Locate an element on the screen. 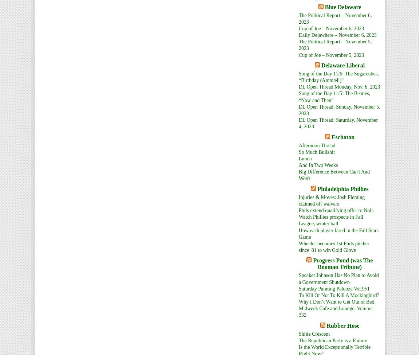 Image resolution: width=419 pixels, height=355 pixels. 'Saturday Painting Palooza Vol.951' is located at coordinates (334, 288).